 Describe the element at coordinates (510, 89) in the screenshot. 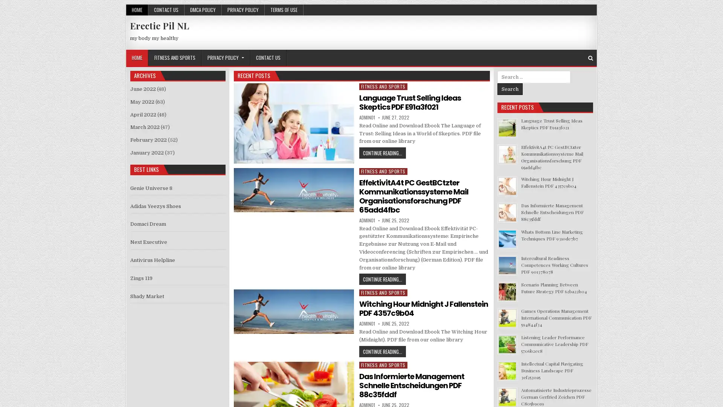

I see `Search` at that location.